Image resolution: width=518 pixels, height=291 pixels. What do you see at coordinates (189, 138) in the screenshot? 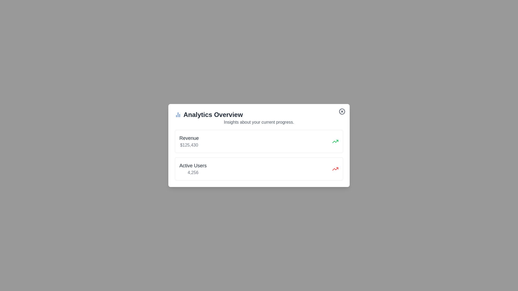
I see `the 'Revenue' text label, which is bold and positioned above the '$125,430' text in the 'Analytics Overview' dashboard` at bounding box center [189, 138].